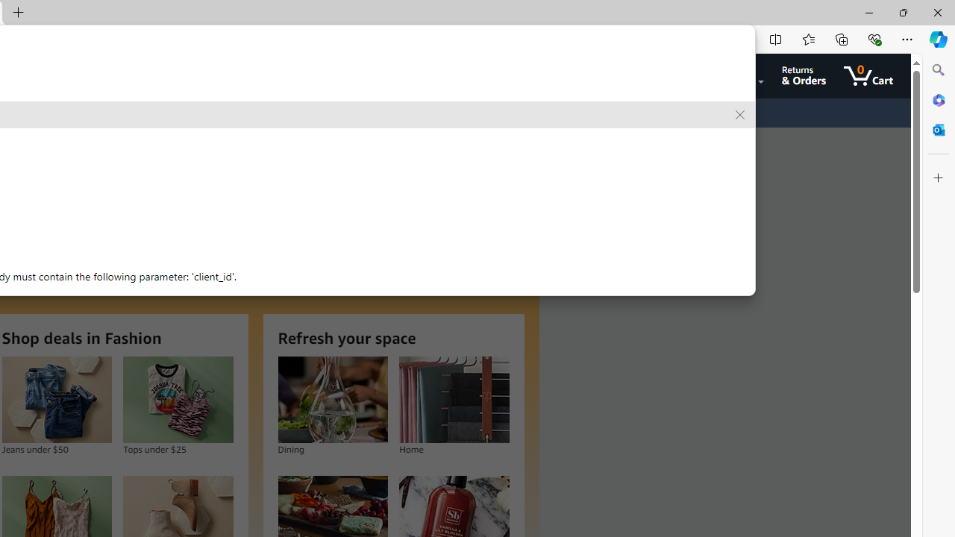  What do you see at coordinates (938, 38) in the screenshot?
I see `'Copilot (Ctrl+Shift+.)'` at bounding box center [938, 38].